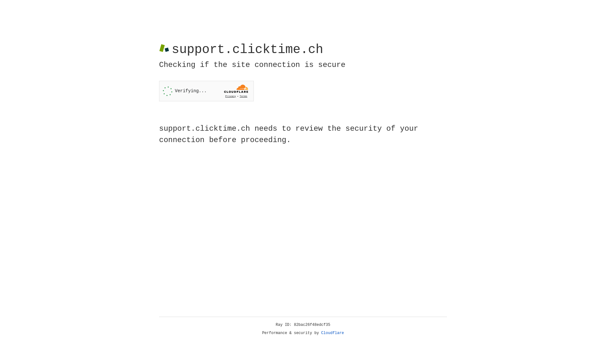  I want to click on 'Cloudflare', so click(332, 333).